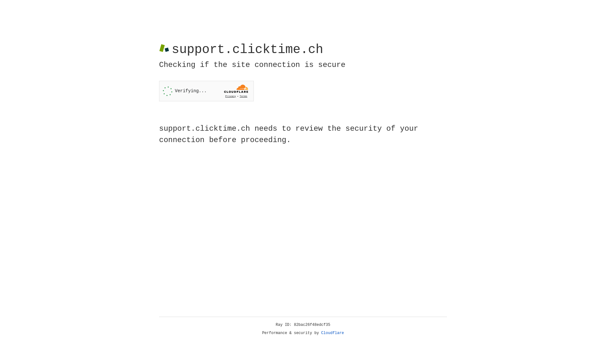  I want to click on 'Cloudflare', so click(332, 333).